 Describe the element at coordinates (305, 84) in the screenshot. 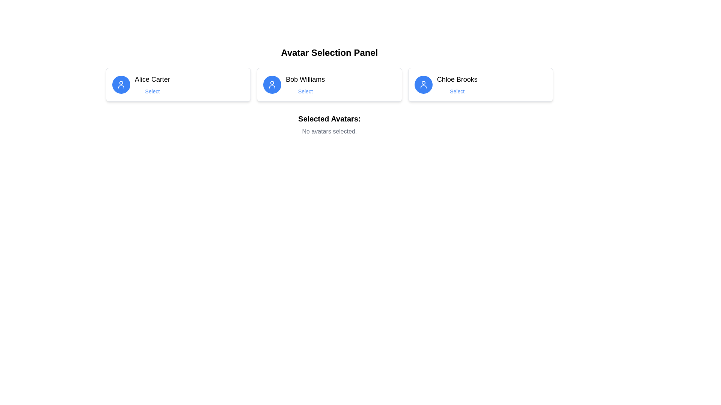

I see `the 'Select' hyperlink associated with the label 'Bob Williams'` at that location.